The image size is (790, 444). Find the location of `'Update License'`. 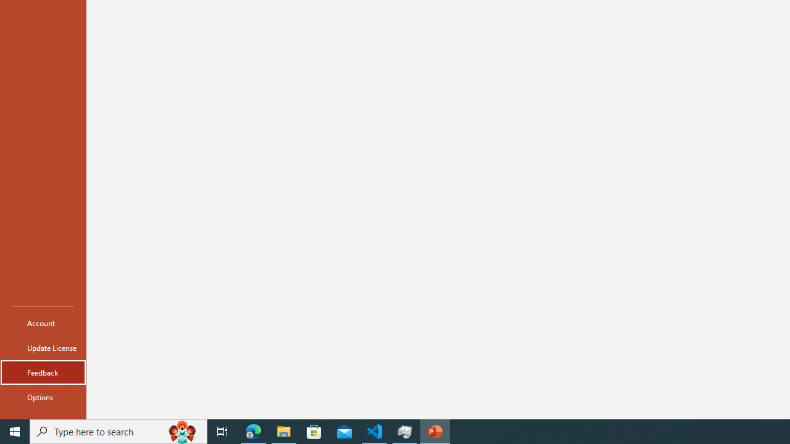

'Update License' is located at coordinates (43, 348).